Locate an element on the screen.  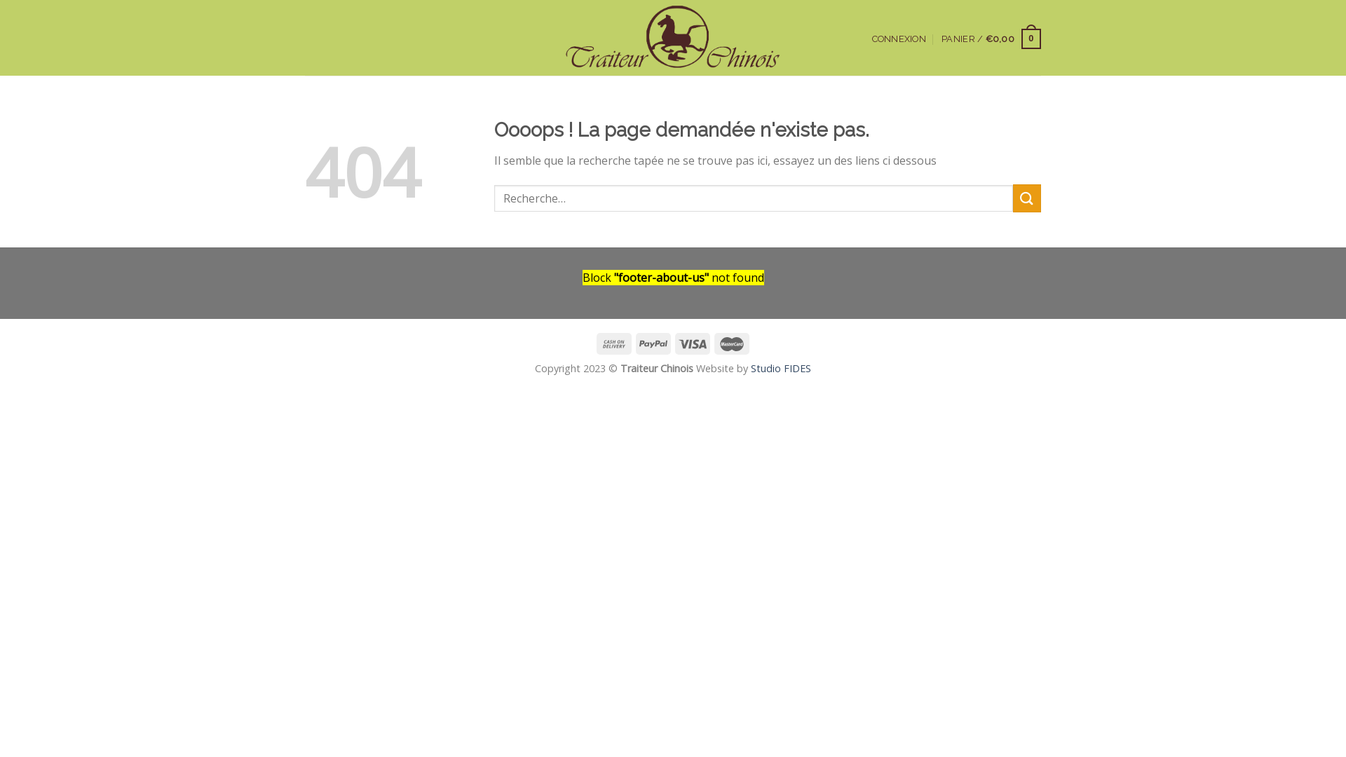
'CONNEXION' is located at coordinates (871, 39).